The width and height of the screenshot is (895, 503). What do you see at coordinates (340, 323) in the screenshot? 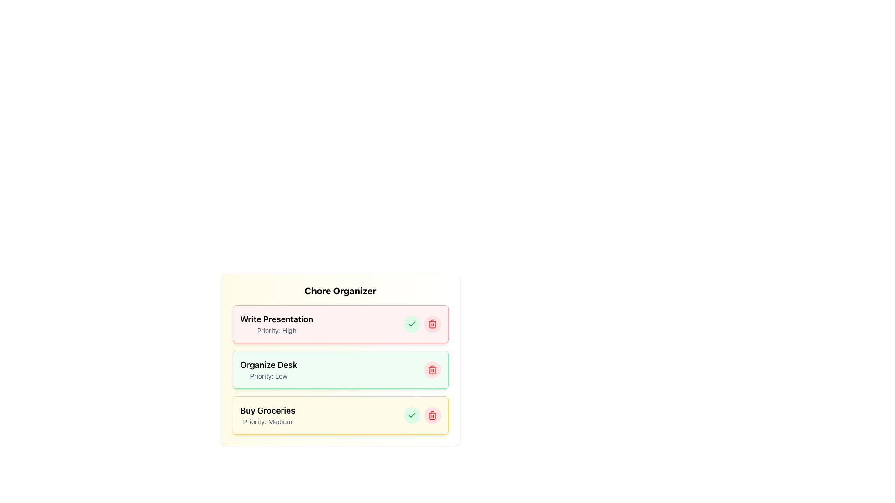
I see `the top task item in the chore organizer, which has a red background and summarizes the task name and priority level` at bounding box center [340, 323].